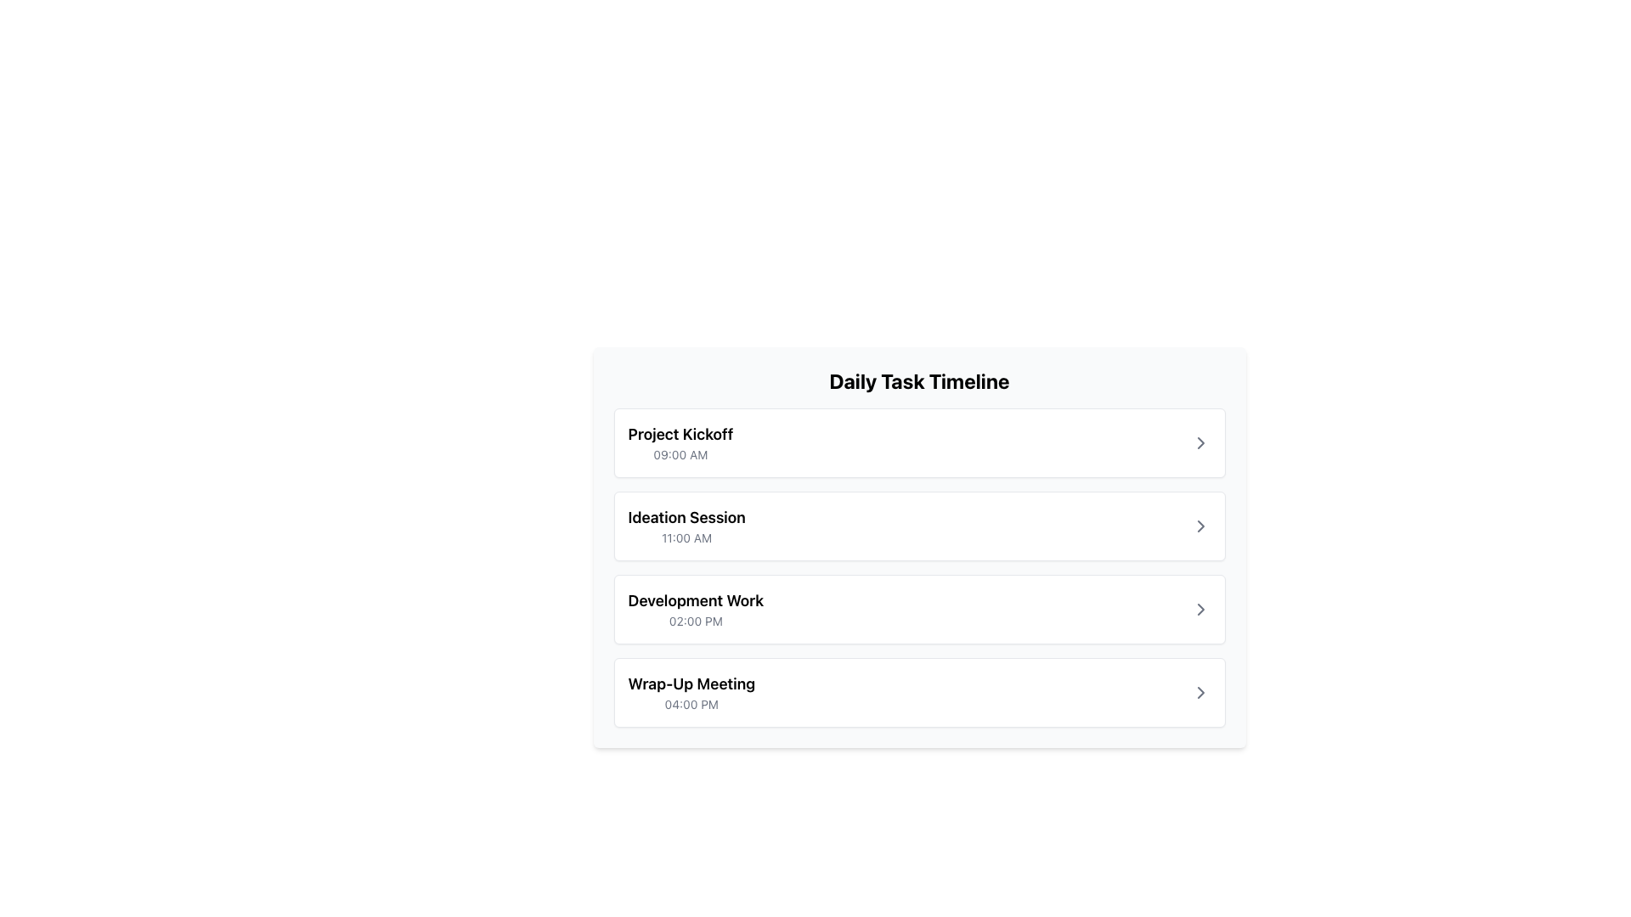 The image size is (1631, 917). Describe the element at coordinates (686, 526) in the screenshot. I see `the event details` at that location.